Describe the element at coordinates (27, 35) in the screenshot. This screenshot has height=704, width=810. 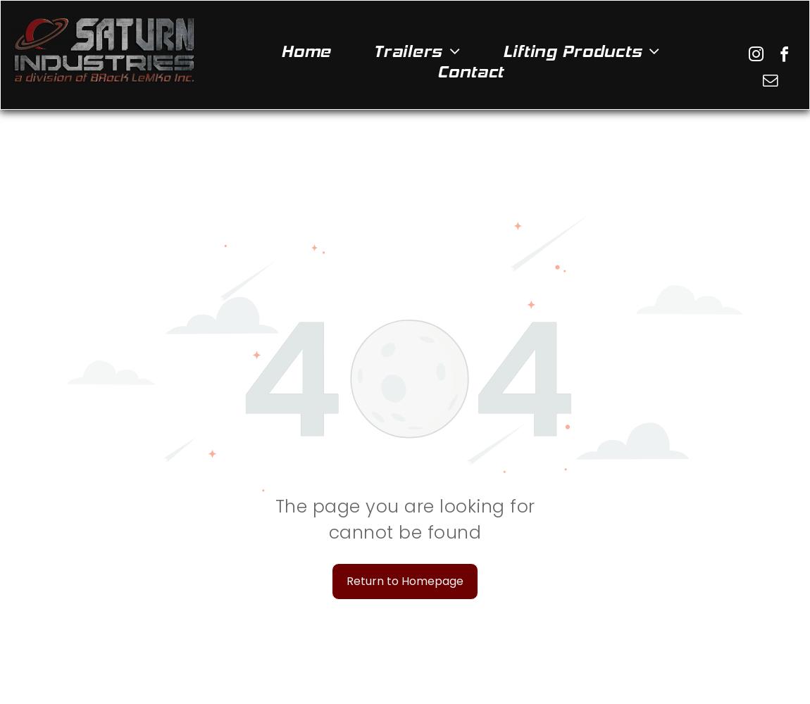
I see `'Share by:'` at that location.